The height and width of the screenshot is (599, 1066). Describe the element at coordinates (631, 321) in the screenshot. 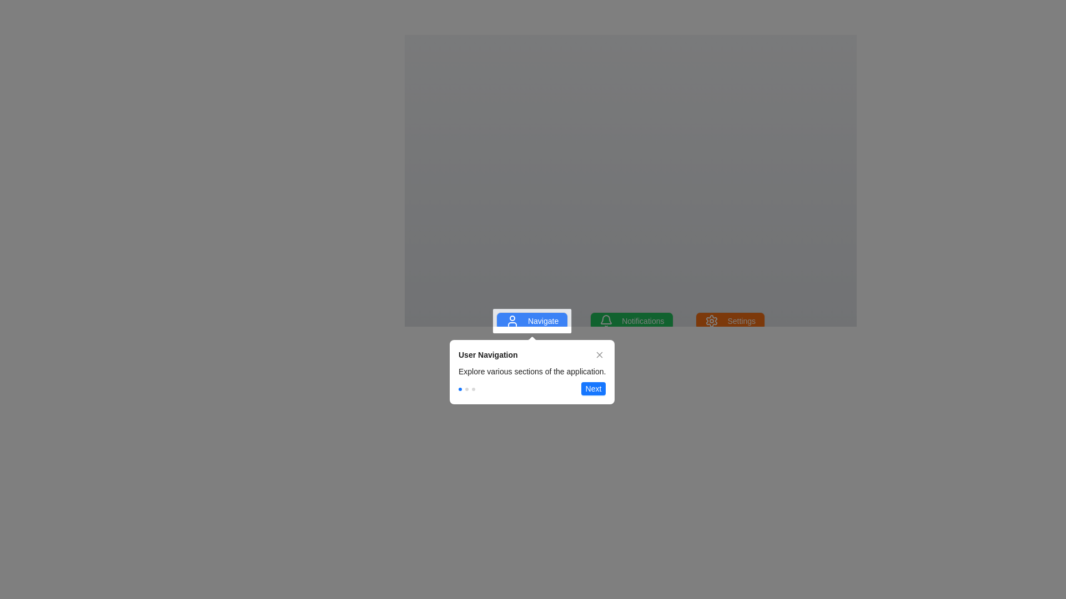

I see `the 'Notifications' button` at that location.